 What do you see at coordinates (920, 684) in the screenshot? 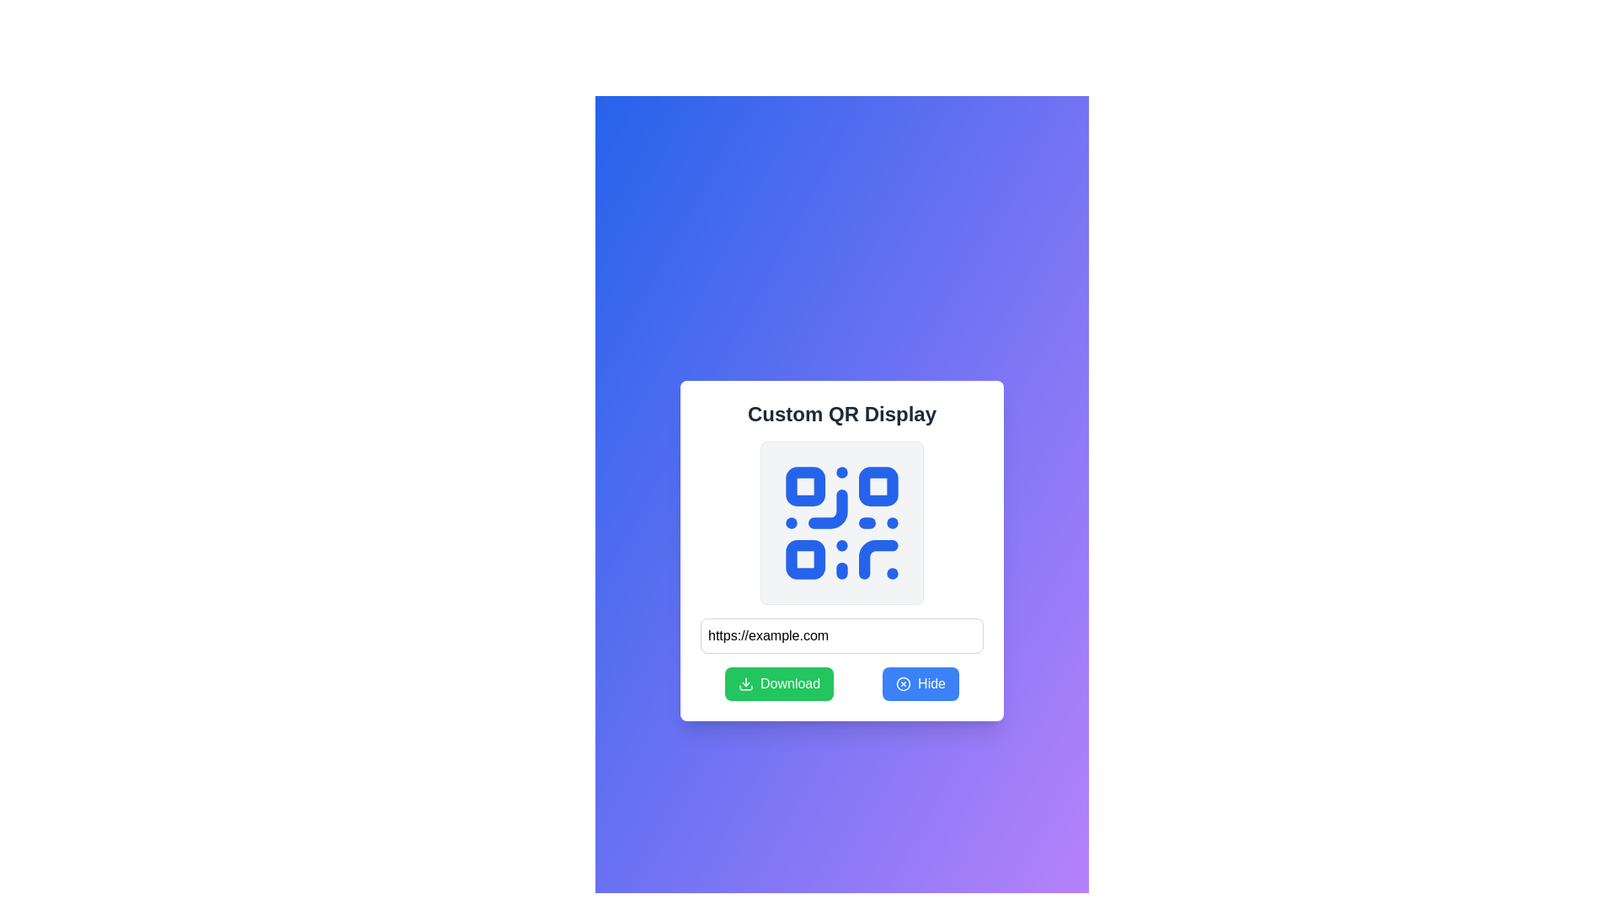
I see `the rounded blue button labeled 'Hide'` at bounding box center [920, 684].